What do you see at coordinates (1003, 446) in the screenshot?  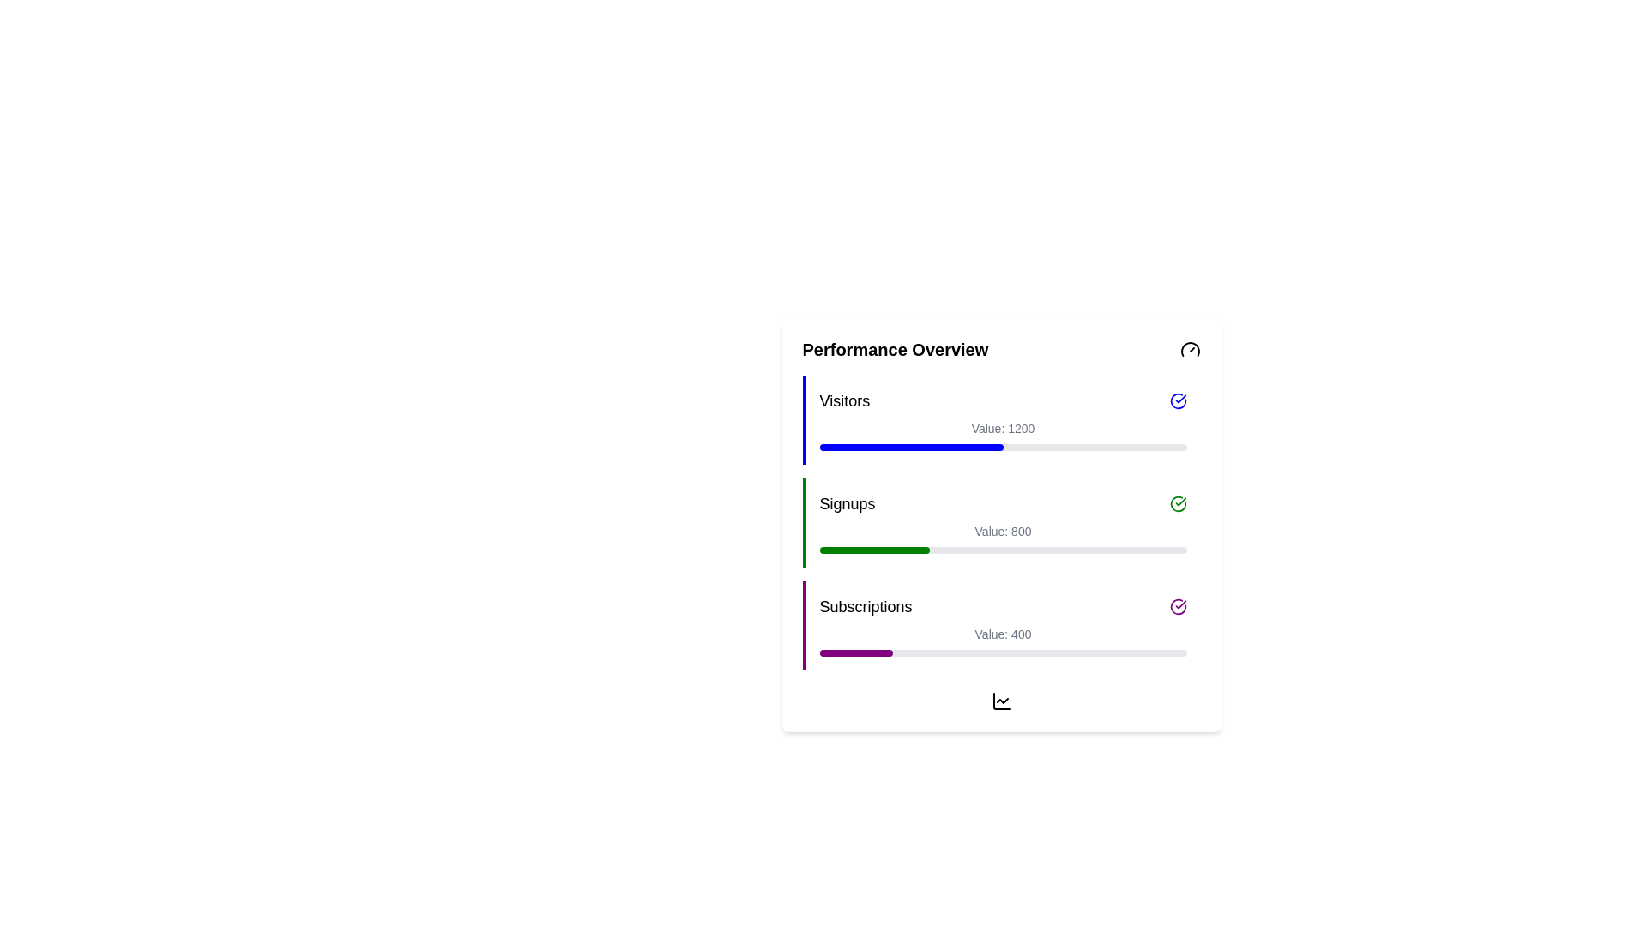 I see `the Progress Bar located under the 'Visitors' label in the 'Performance Overview' section, which is a horizontal bar with a blue filled left side and gray uncolored right side` at bounding box center [1003, 446].